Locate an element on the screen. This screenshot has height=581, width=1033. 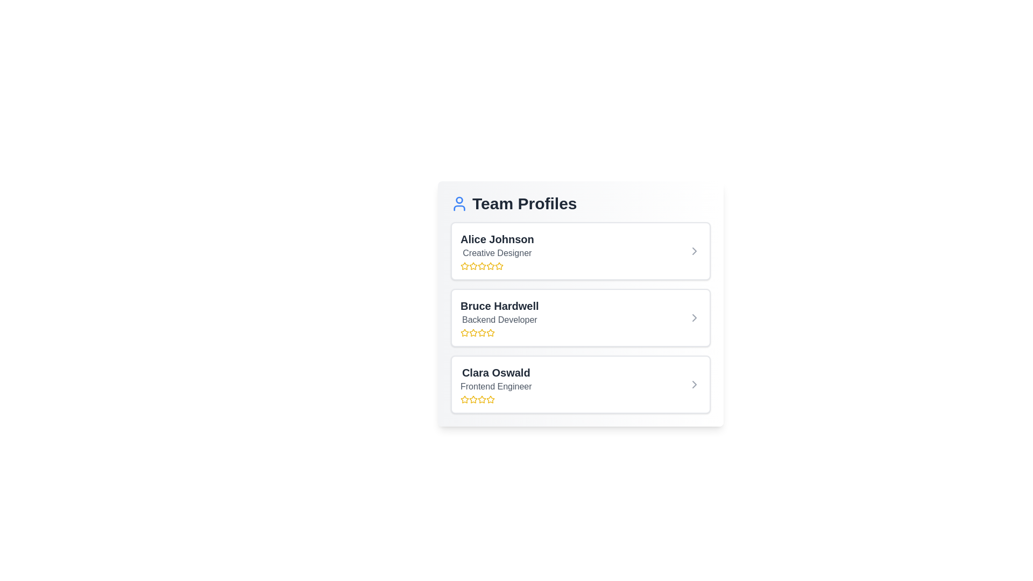
arrow icon next to the profile Bruce Hardwell is located at coordinates (695, 317).